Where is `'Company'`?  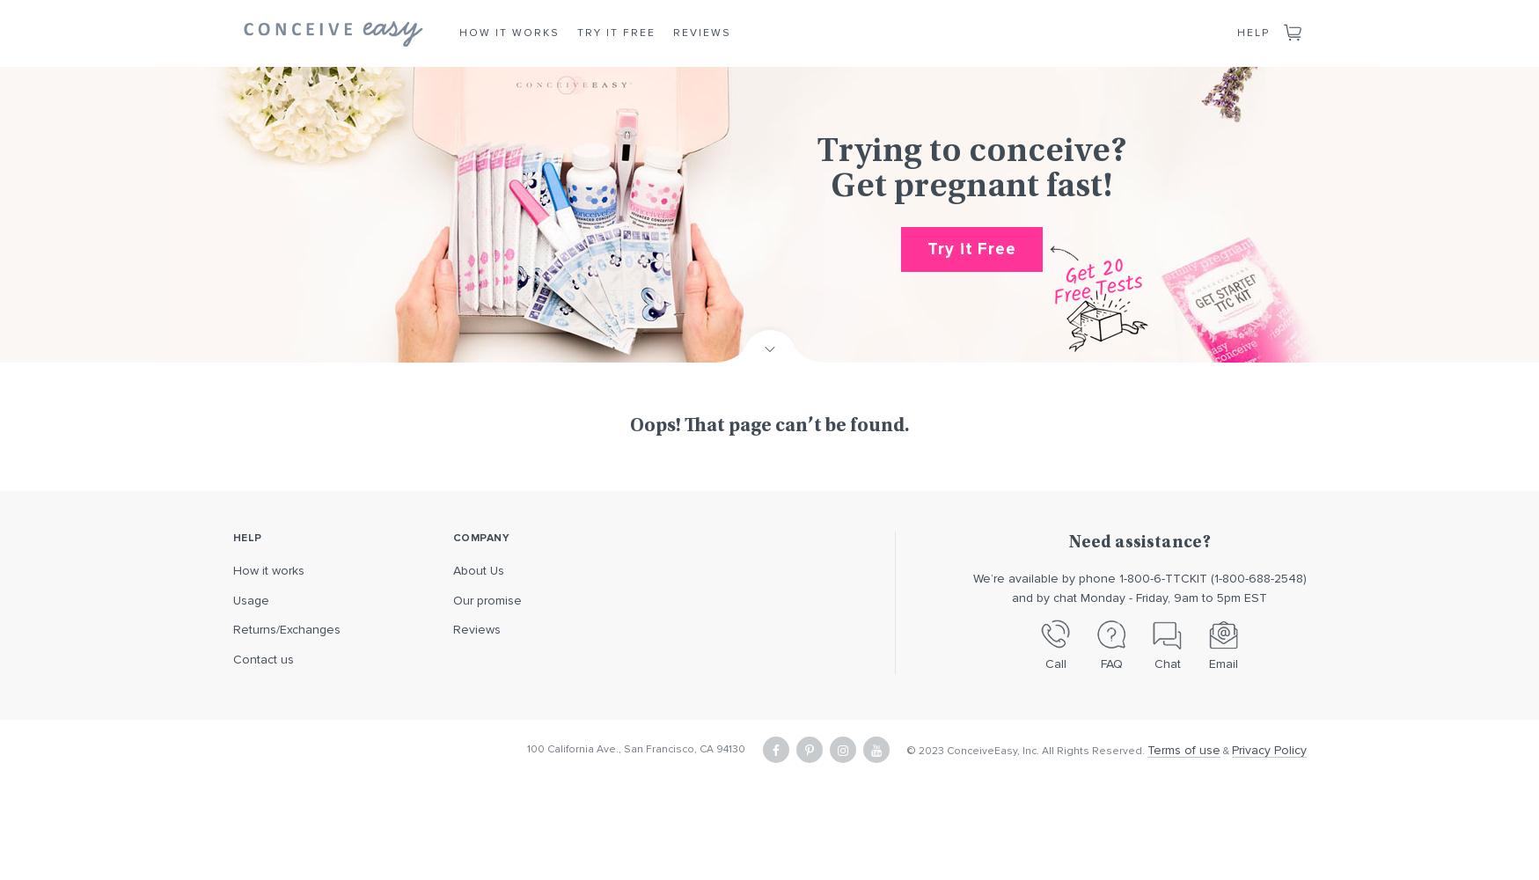 'Company' is located at coordinates (480, 537).